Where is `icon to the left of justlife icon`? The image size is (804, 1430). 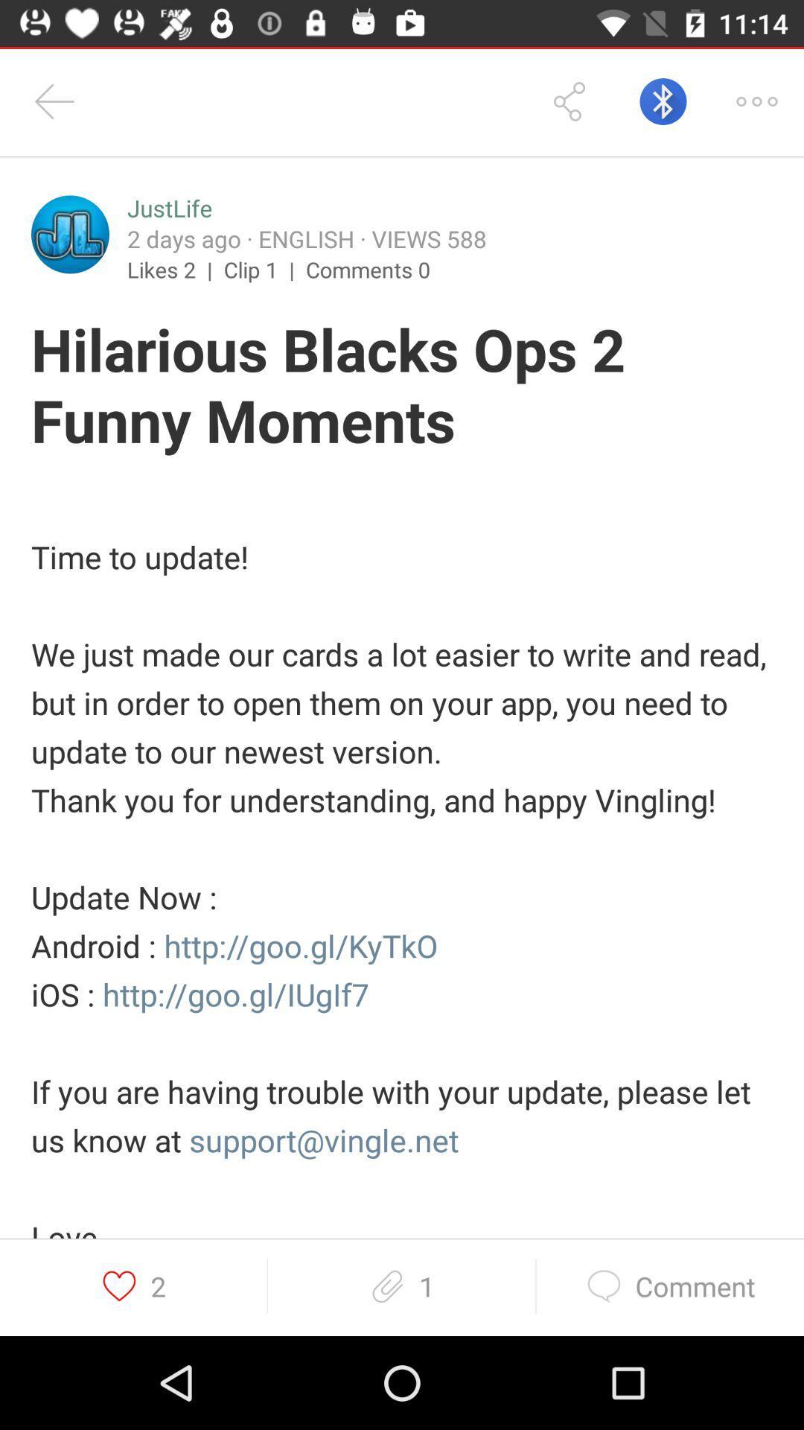
icon to the left of justlife icon is located at coordinates (70, 234).